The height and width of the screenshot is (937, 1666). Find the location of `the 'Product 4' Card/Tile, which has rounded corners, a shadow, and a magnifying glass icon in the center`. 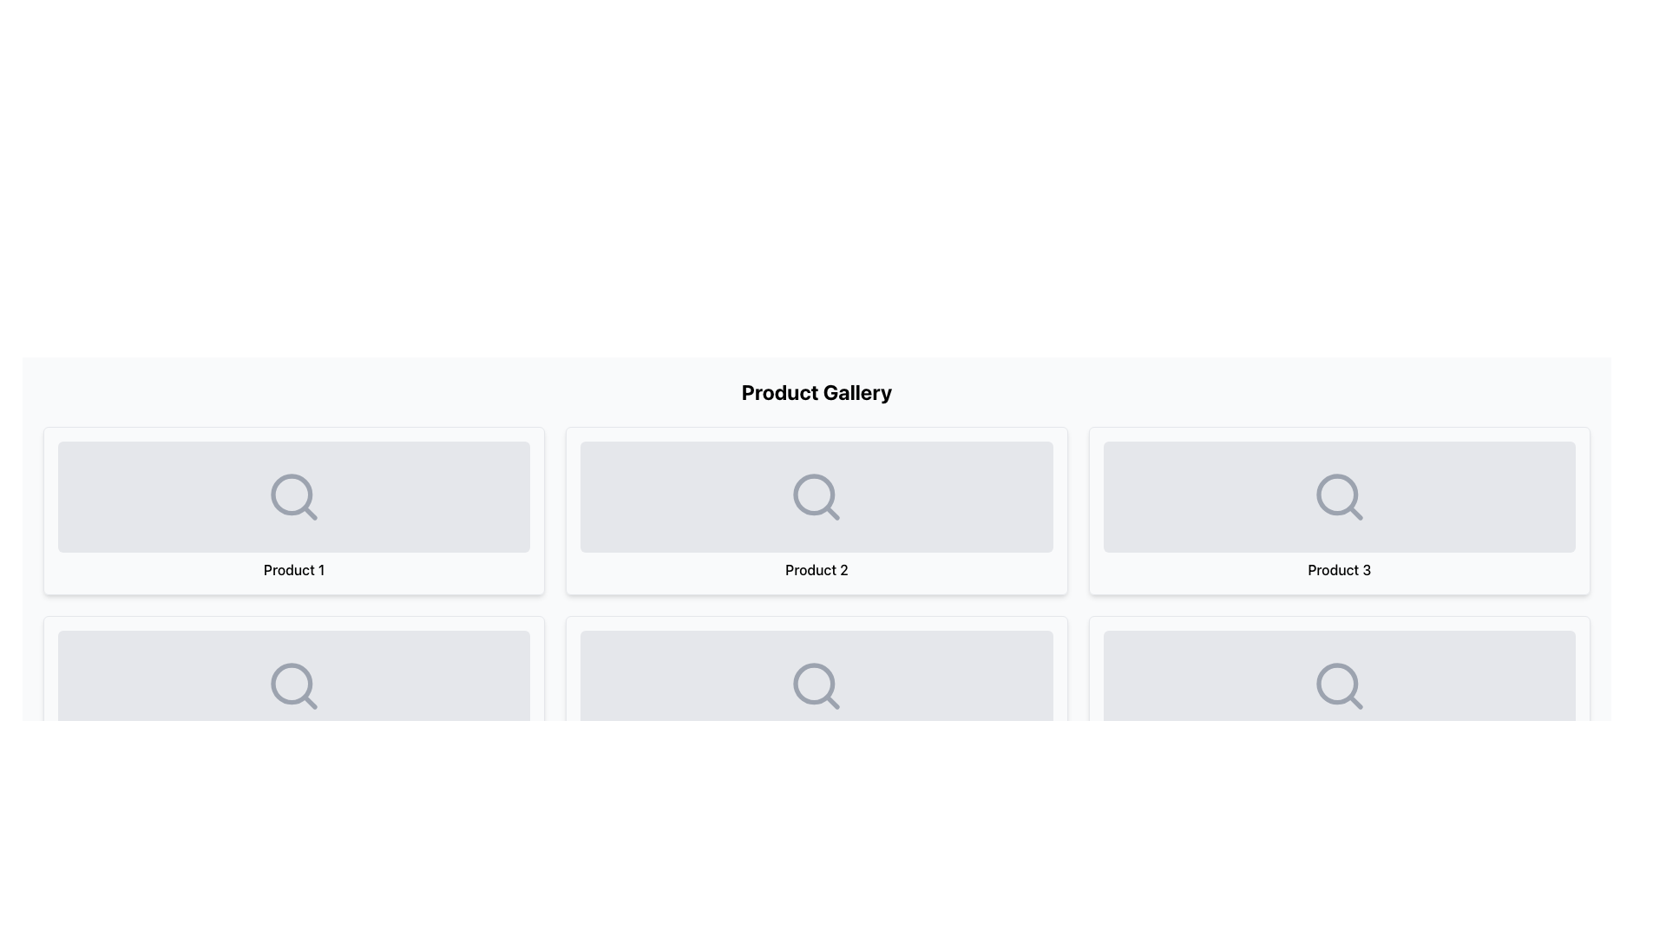

the 'Product 4' Card/Tile, which has rounded corners, a shadow, and a magnifying glass icon in the center is located at coordinates (294, 698).